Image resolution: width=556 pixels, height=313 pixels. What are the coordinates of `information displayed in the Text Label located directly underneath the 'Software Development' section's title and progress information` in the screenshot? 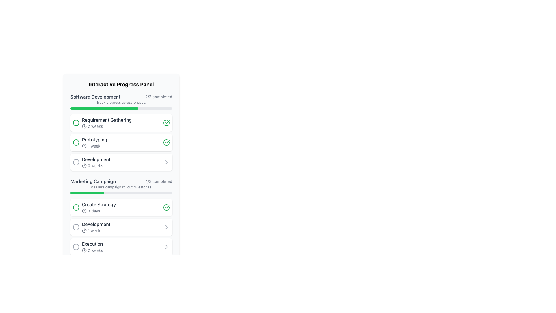 It's located at (121, 102).